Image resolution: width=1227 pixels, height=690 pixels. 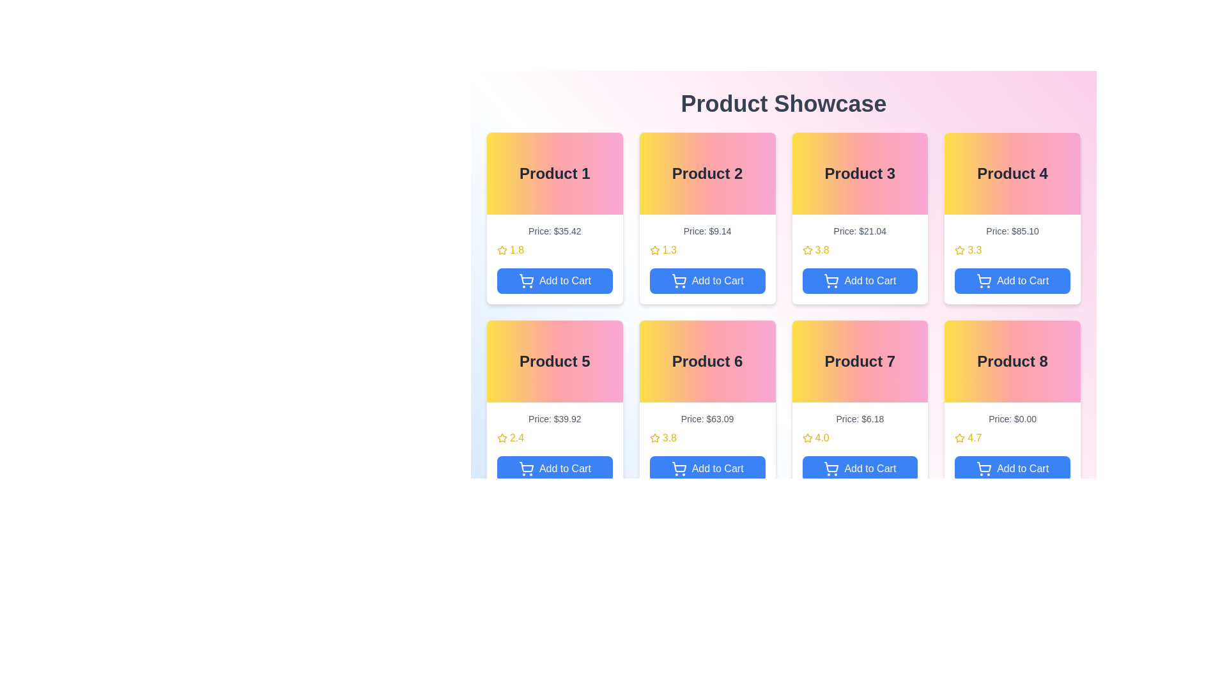 What do you see at coordinates (831, 280) in the screenshot?
I see `the shopping cart icon` at bounding box center [831, 280].